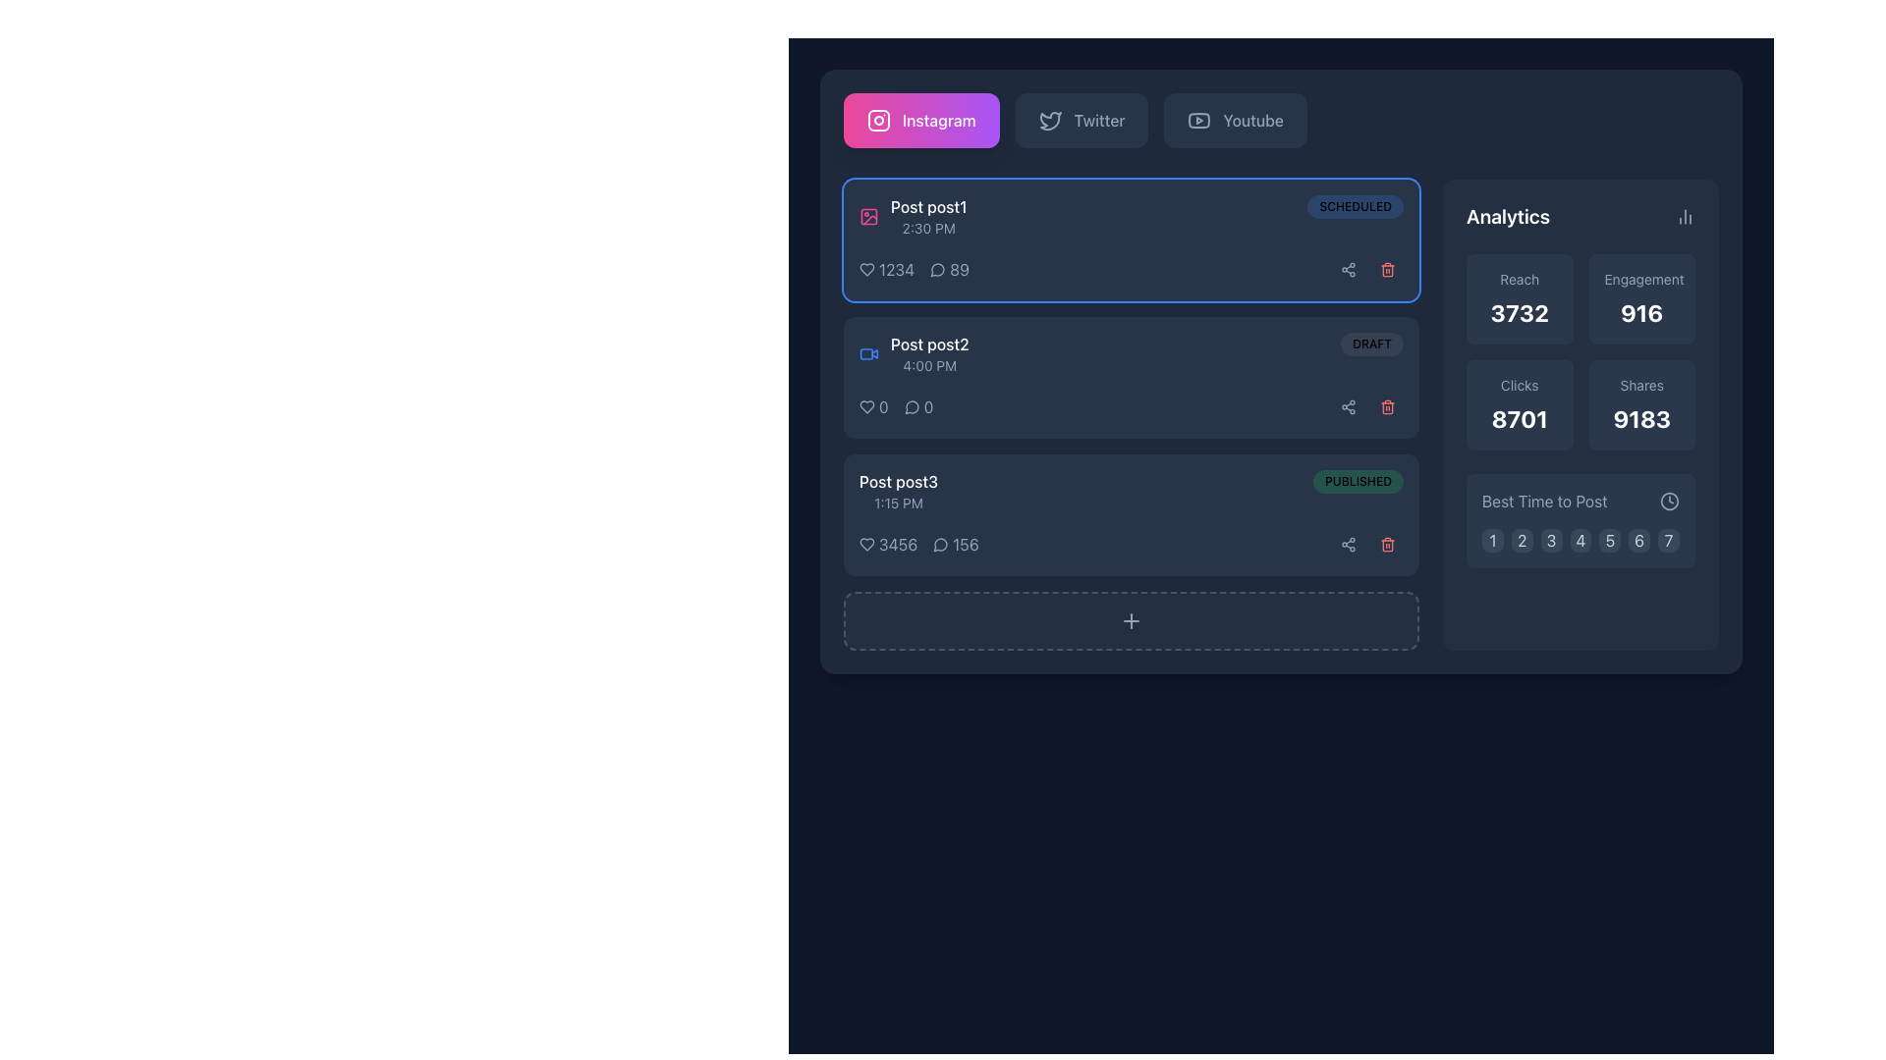 The width and height of the screenshot is (1886, 1060). Describe the element at coordinates (898, 481) in the screenshot. I see `the text label displaying the title 'Post post3', located in the lower-left area under the 'Post post2' section` at that location.